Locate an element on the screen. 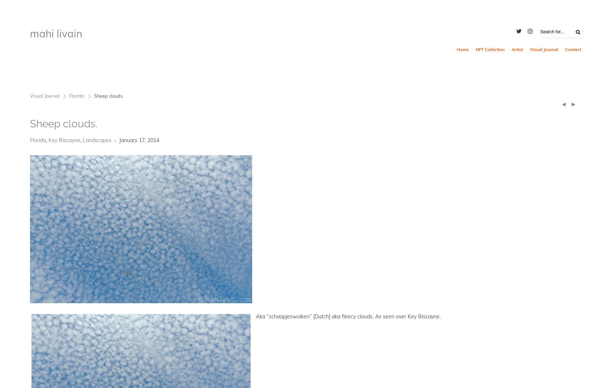  'NFT Collection' is located at coordinates (490, 50).